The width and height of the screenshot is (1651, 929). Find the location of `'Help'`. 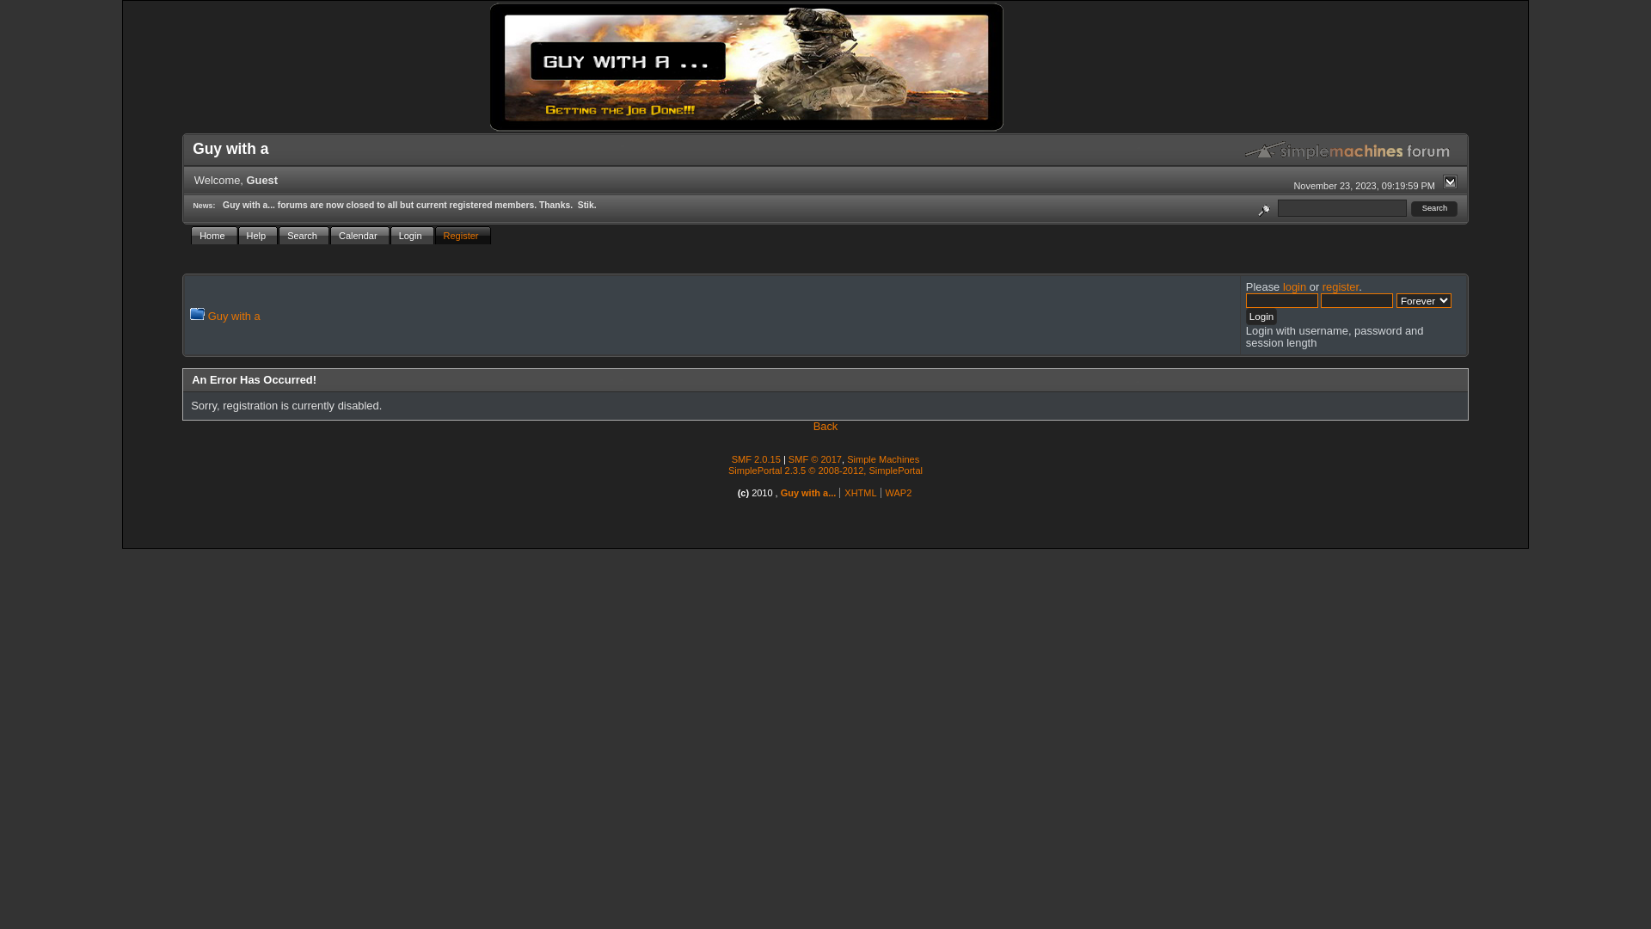

'Help' is located at coordinates (256, 235).